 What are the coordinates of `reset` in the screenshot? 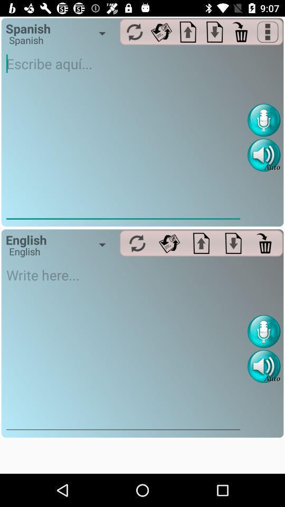 It's located at (135, 31).